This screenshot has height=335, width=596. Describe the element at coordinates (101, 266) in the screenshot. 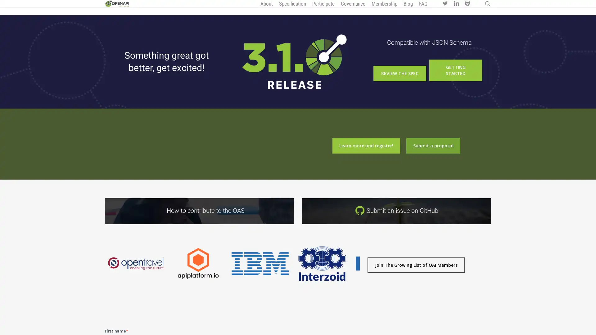

I see `Previous` at that location.